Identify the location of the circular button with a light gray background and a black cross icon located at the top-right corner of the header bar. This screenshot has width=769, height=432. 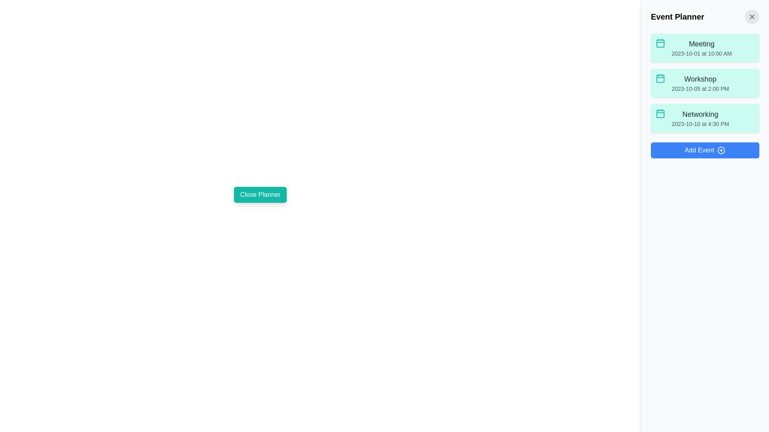
(751, 17).